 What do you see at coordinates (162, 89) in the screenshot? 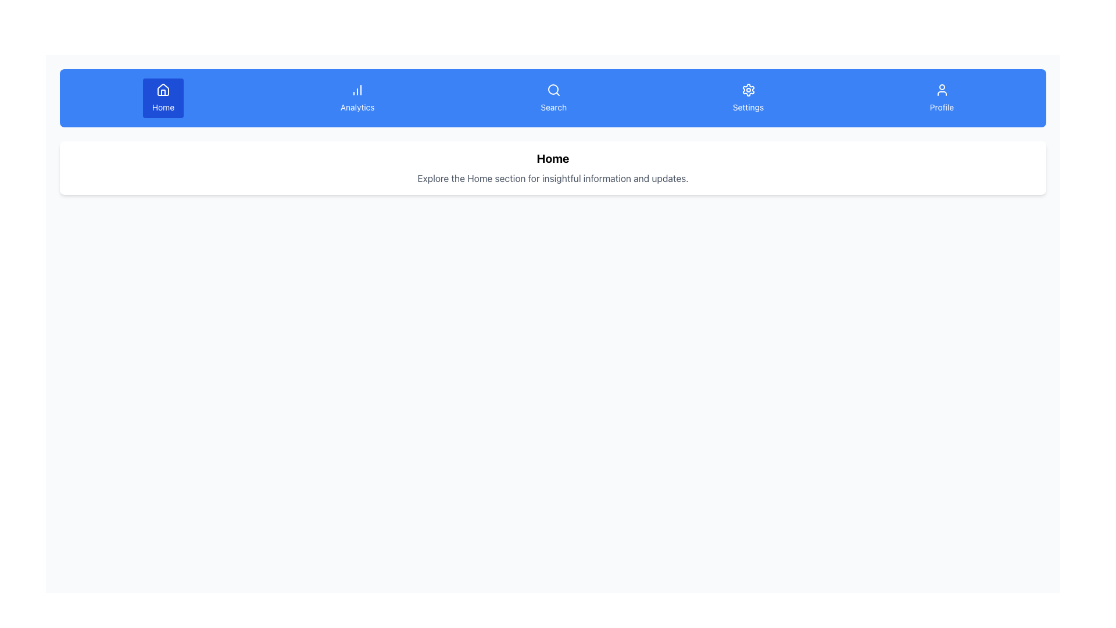
I see `the 'Home' icon located in the blue rectangular section on the menu bar` at bounding box center [162, 89].